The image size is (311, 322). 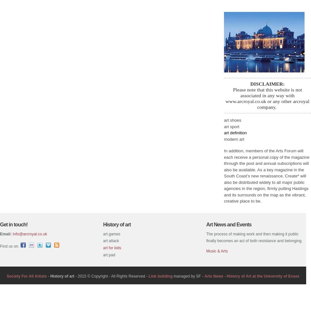 I want to click on 'art pad', so click(x=109, y=255).